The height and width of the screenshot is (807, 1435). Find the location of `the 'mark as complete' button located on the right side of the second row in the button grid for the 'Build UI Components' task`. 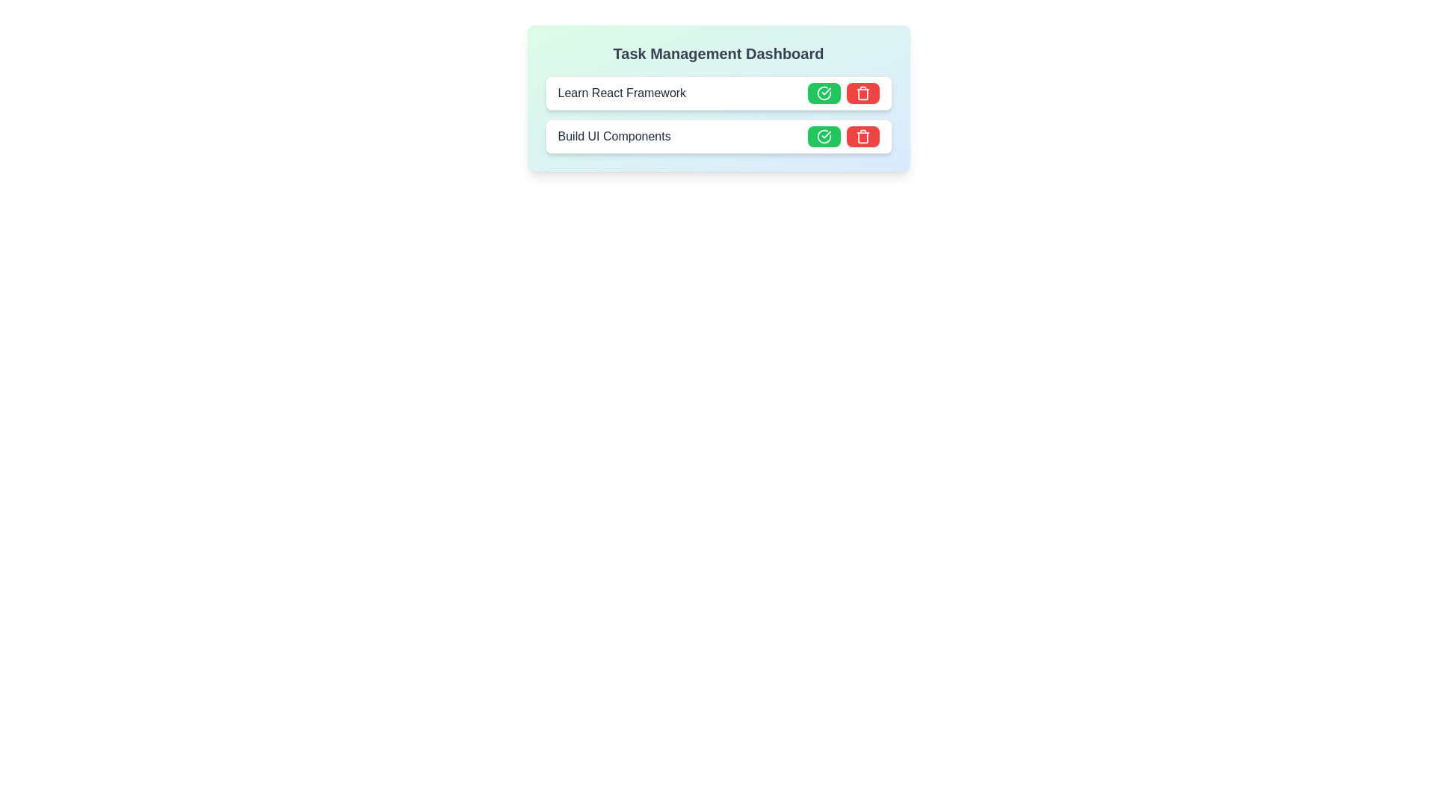

the 'mark as complete' button located on the right side of the second row in the button grid for the 'Build UI Components' task is located at coordinates (823, 136).